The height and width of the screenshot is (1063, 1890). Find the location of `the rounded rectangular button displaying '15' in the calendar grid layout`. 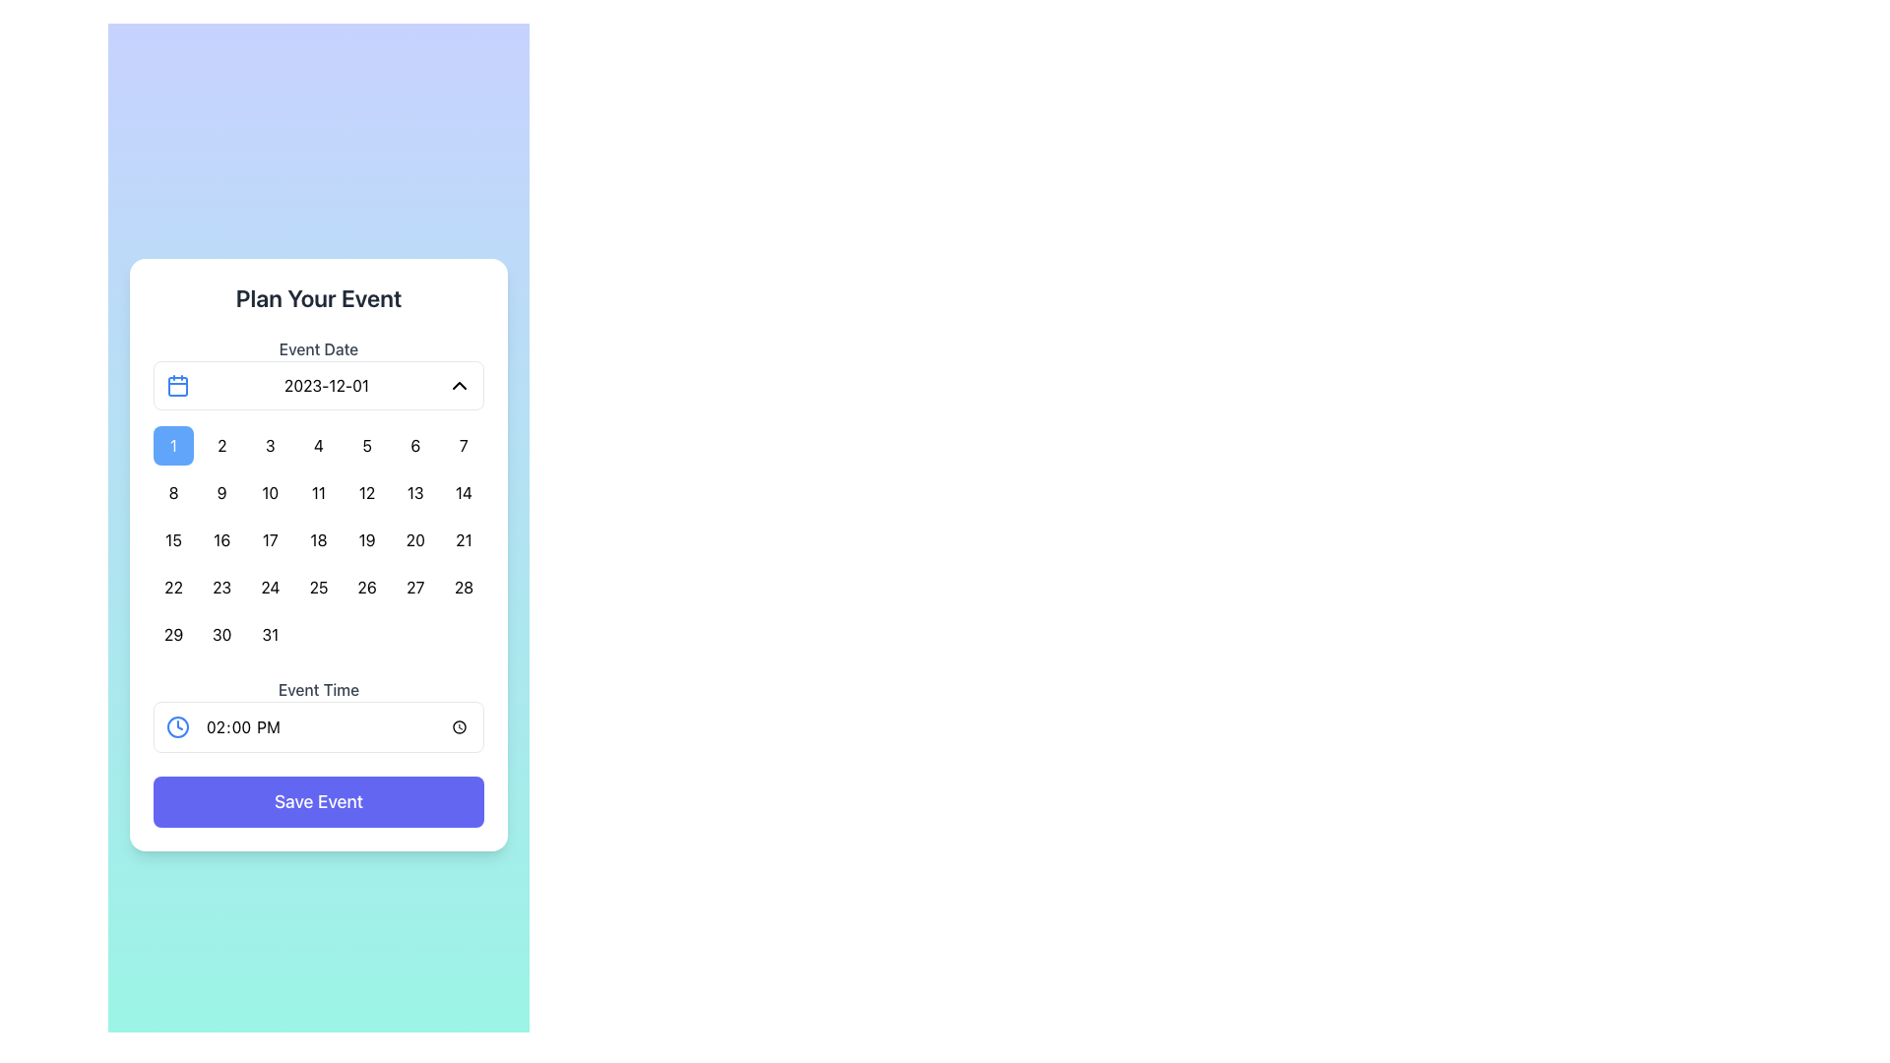

the rounded rectangular button displaying '15' in the calendar grid layout is located at coordinates (173, 539).